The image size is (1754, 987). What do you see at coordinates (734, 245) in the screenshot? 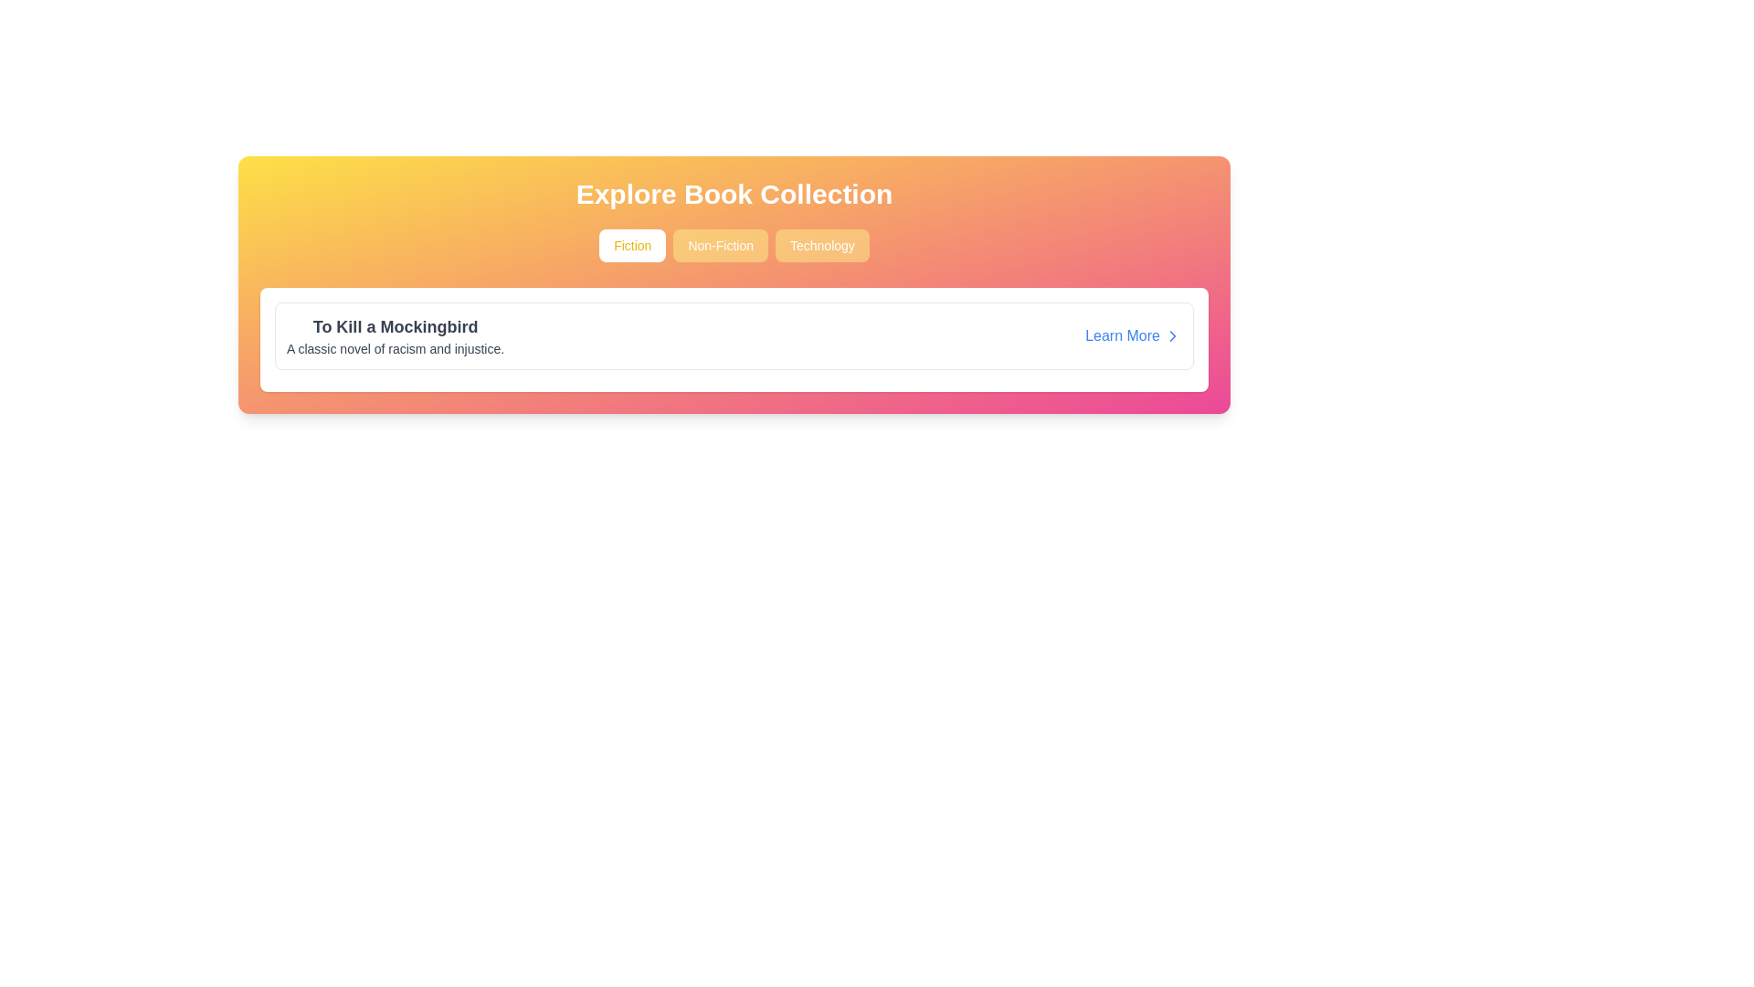
I see `the 'Non-Fiction' filter button located between the 'Fiction' and 'Technology' buttons, below the 'Explore Book Collection' text` at bounding box center [734, 245].